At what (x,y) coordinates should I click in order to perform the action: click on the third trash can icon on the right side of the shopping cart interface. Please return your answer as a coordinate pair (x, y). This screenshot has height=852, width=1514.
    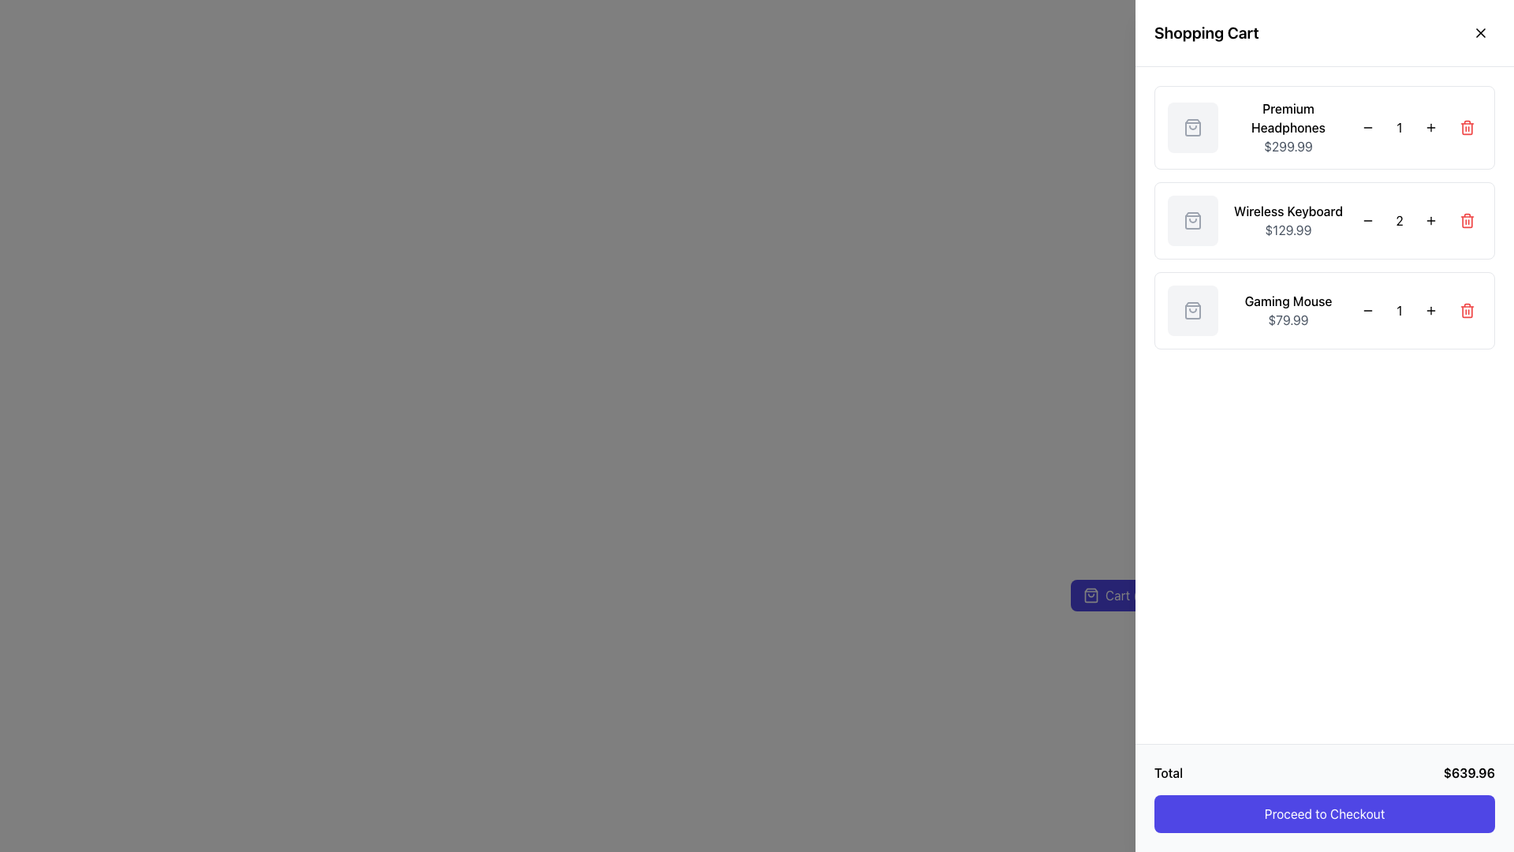
    Looking at the image, I should click on (1467, 310).